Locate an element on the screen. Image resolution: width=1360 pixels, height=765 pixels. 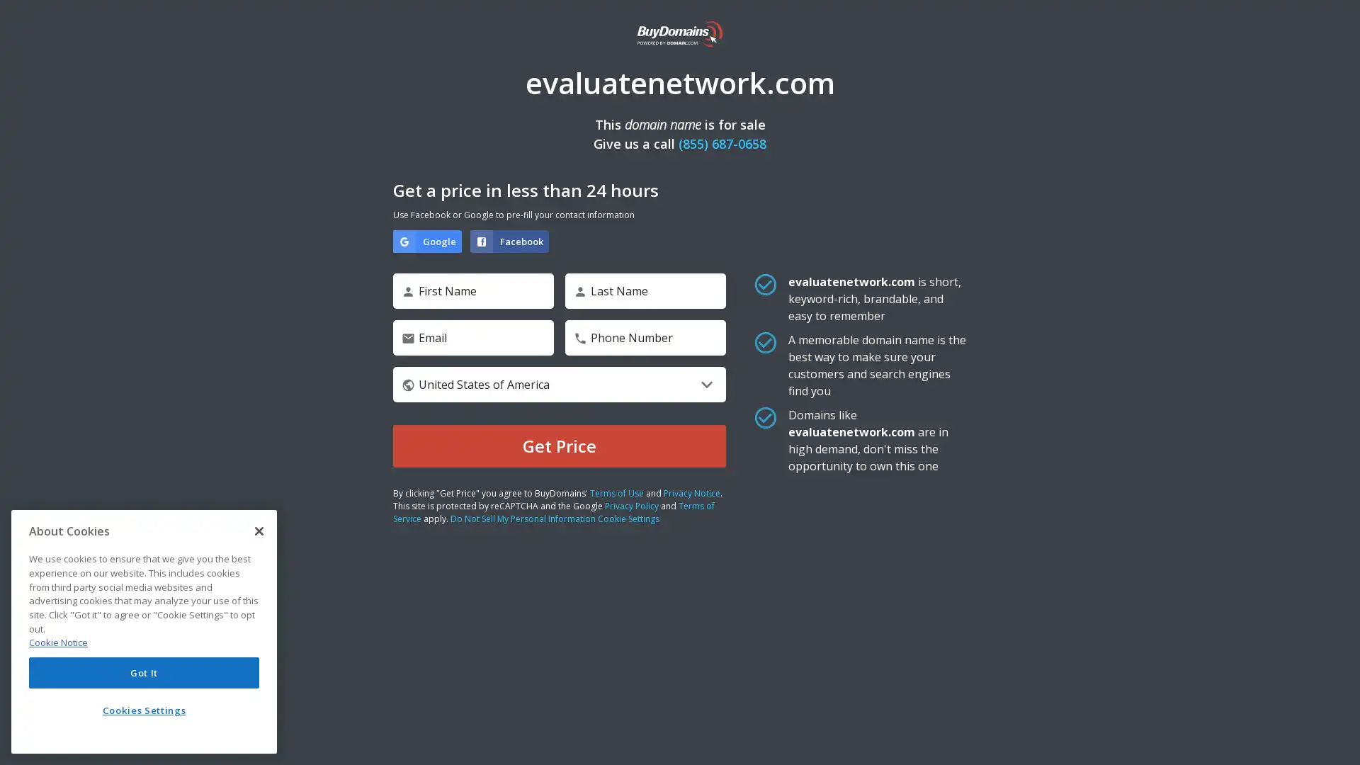
Close is located at coordinates (259, 531).